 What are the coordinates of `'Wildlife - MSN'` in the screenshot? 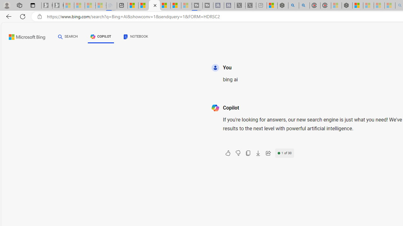 It's located at (272, 5).